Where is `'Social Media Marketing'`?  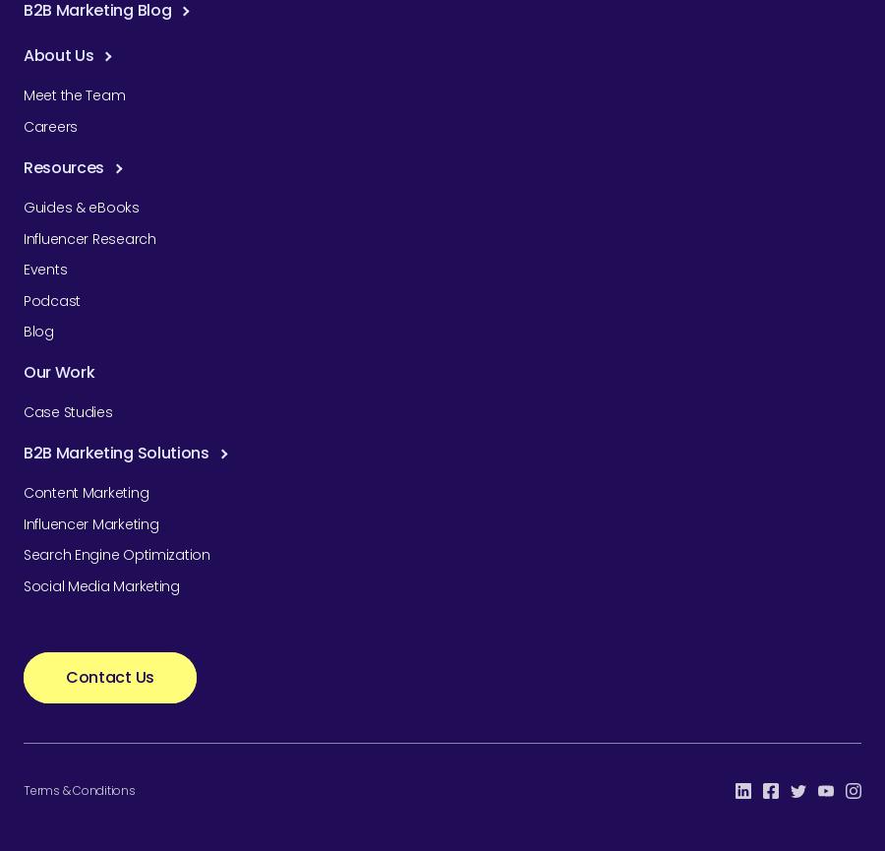 'Social Media Marketing' is located at coordinates (99, 585).